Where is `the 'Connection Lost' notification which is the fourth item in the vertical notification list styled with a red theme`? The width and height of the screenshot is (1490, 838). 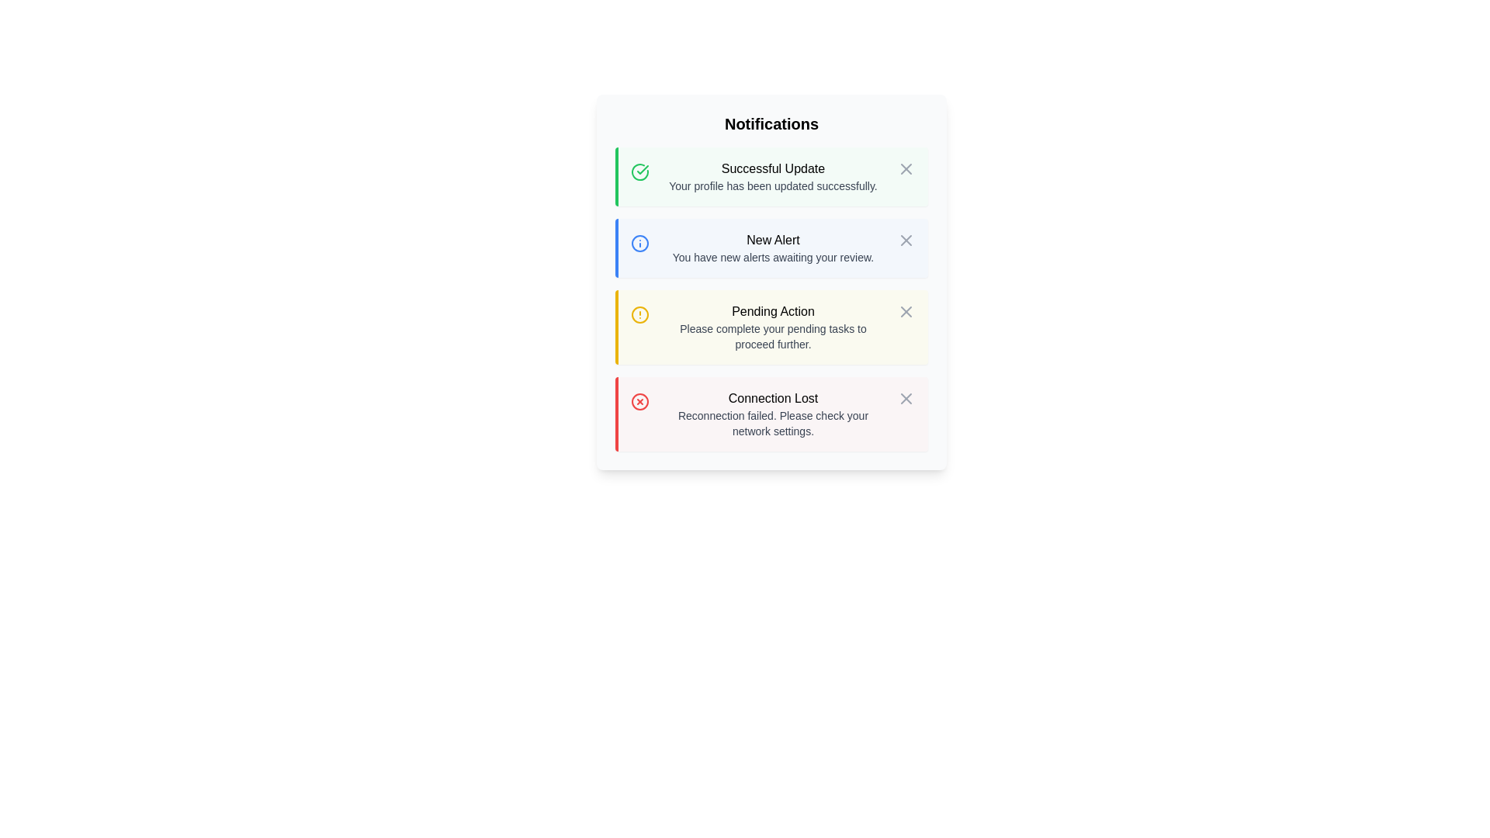 the 'Connection Lost' notification which is the fourth item in the vertical notification list styled with a red theme is located at coordinates (773, 413).